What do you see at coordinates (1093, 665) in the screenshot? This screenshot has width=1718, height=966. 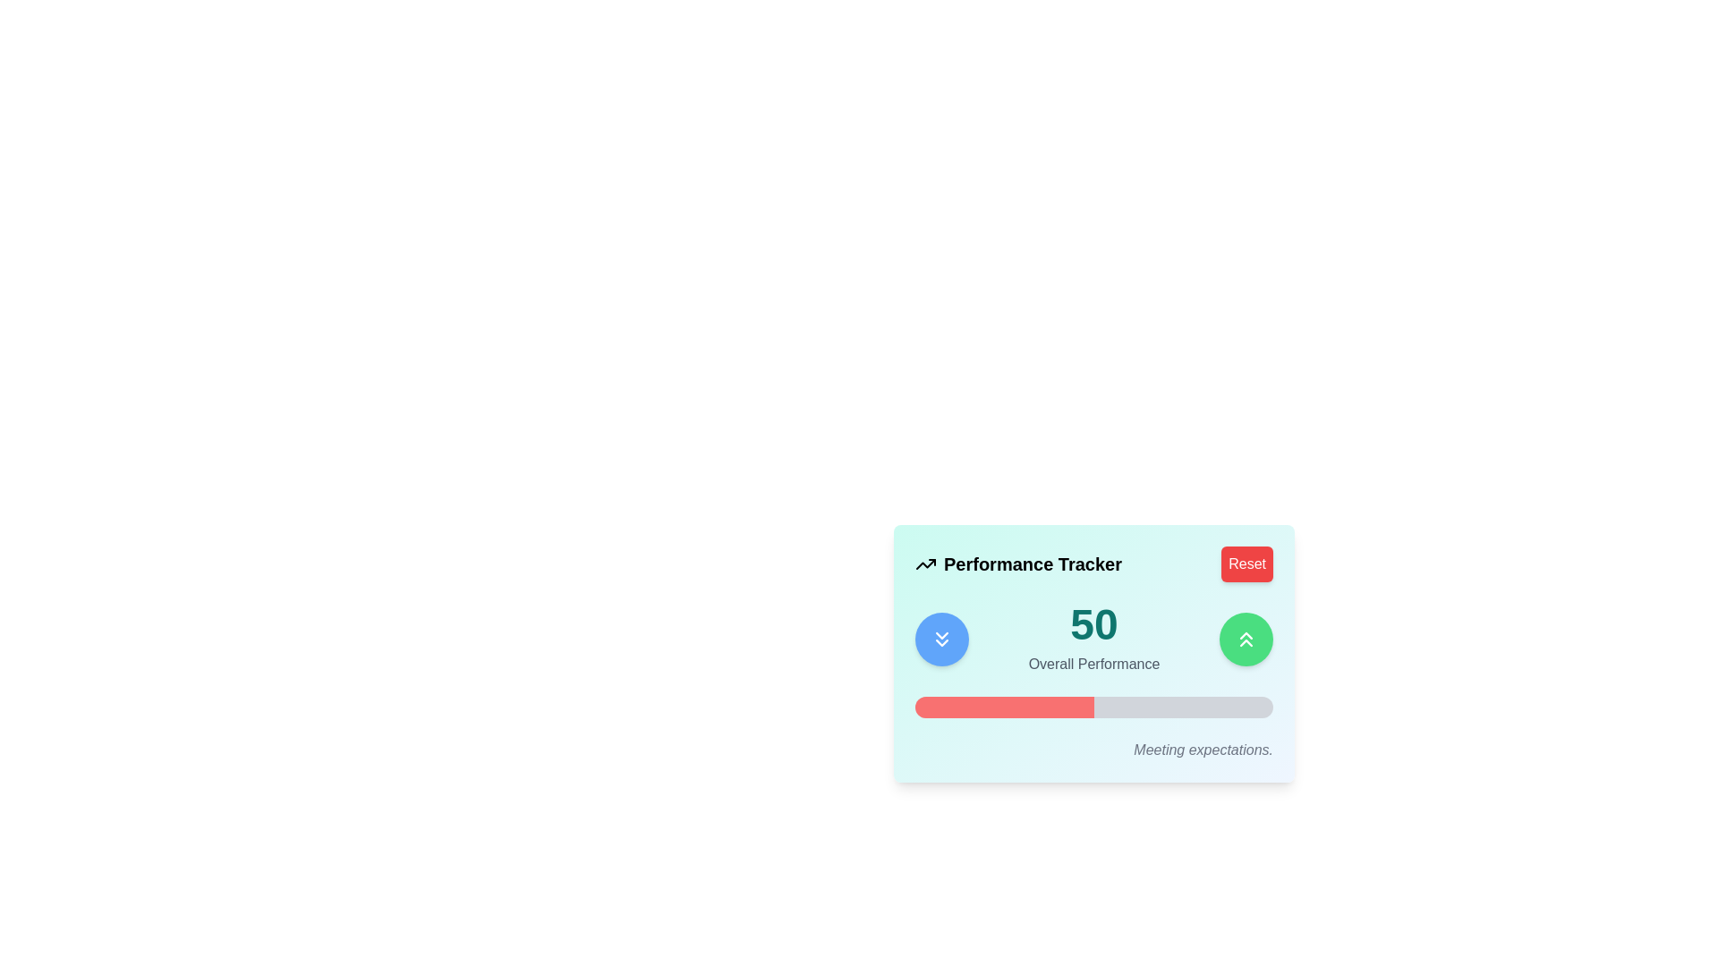 I see `the Label element displaying 'Overall Performance' that is styled in medium gray and positioned directly below the bold number '50'` at bounding box center [1093, 665].